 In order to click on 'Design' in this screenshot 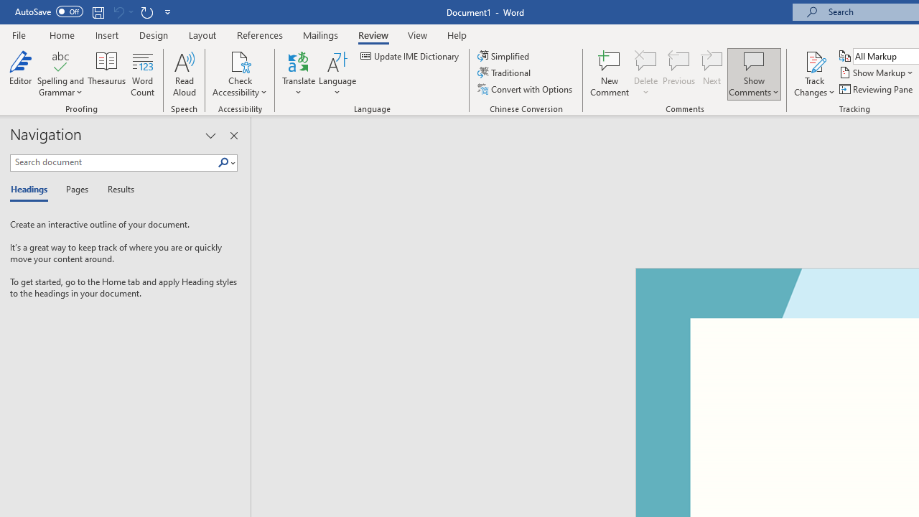, I will do `click(154, 34)`.